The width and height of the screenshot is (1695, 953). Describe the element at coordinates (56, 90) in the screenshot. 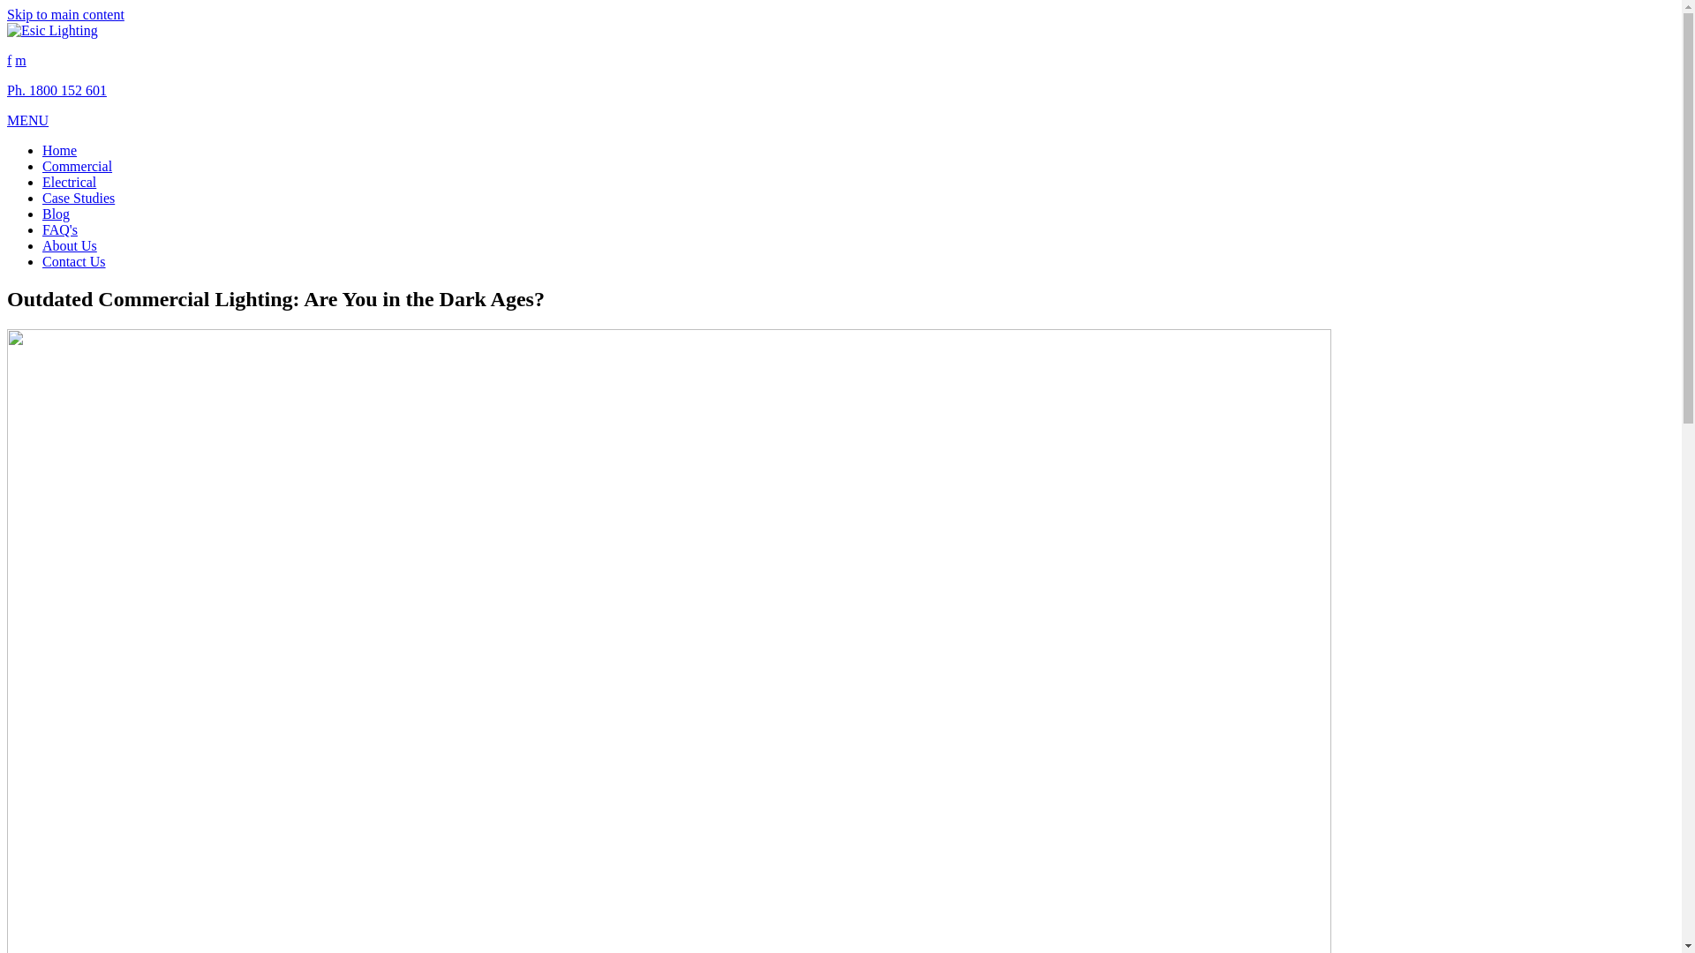

I see `'Ph. 1800 152 601'` at that location.